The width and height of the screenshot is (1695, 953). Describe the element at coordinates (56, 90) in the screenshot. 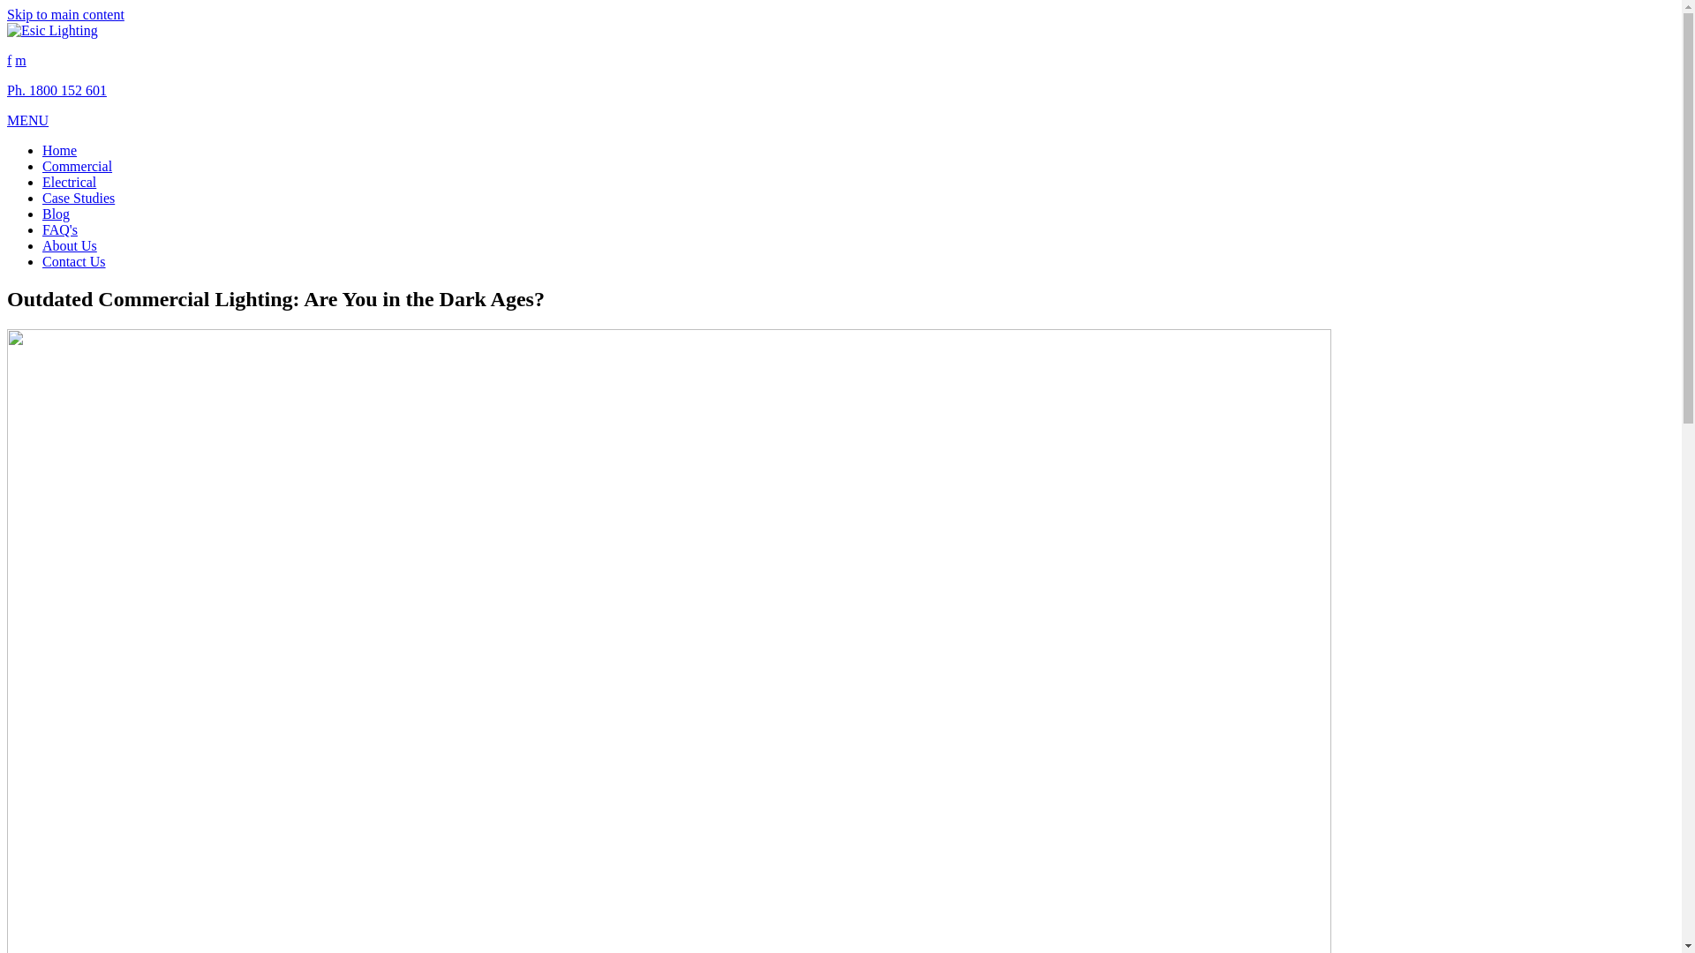

I see `'Ph. 1800 152 601'` at that location.